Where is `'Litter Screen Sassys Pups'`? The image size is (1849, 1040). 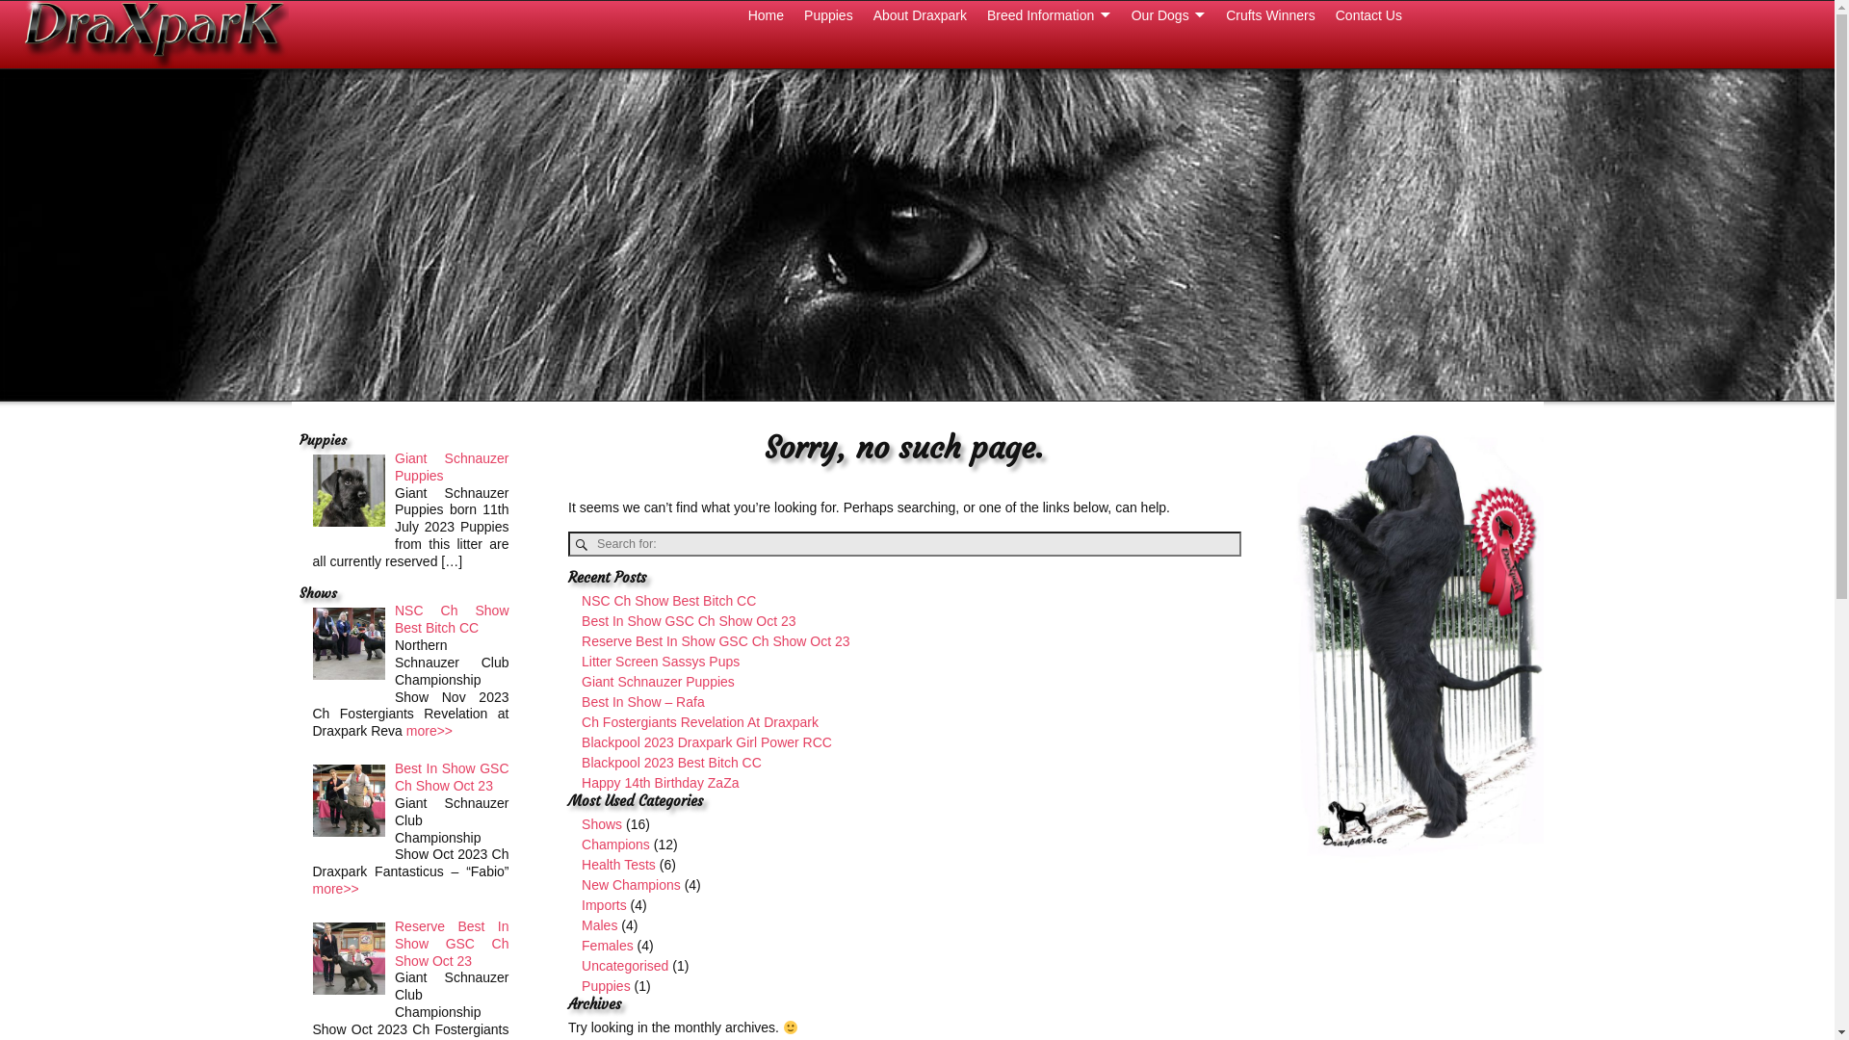
'Litter Screen Sassys Pups' is located at coordinates (661, 660).